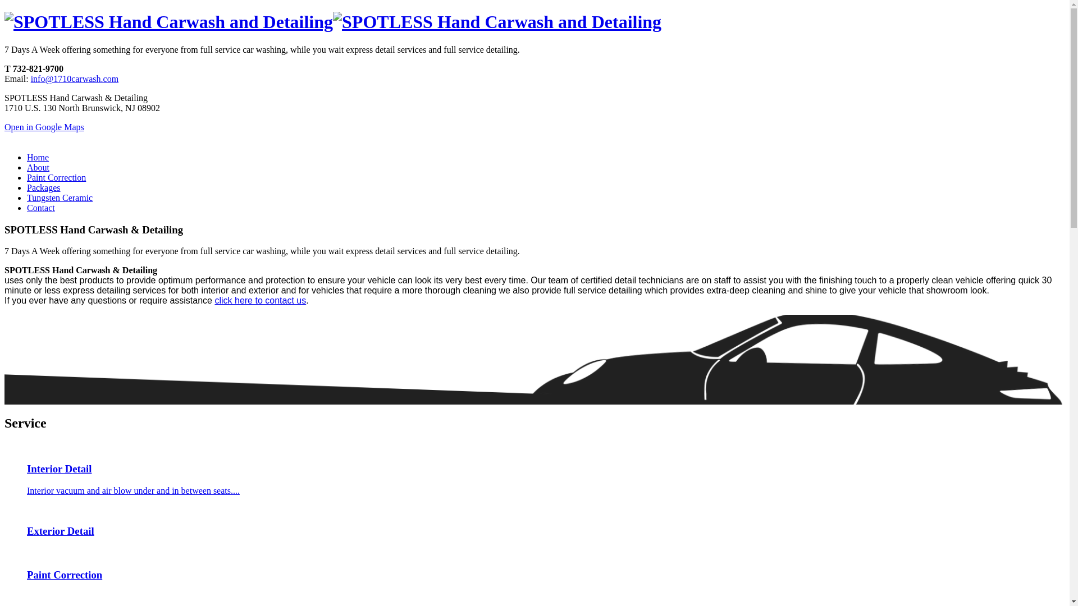 This screenshot has height=606, width=1078. I want to click on 'Packages', so click(27, 187).